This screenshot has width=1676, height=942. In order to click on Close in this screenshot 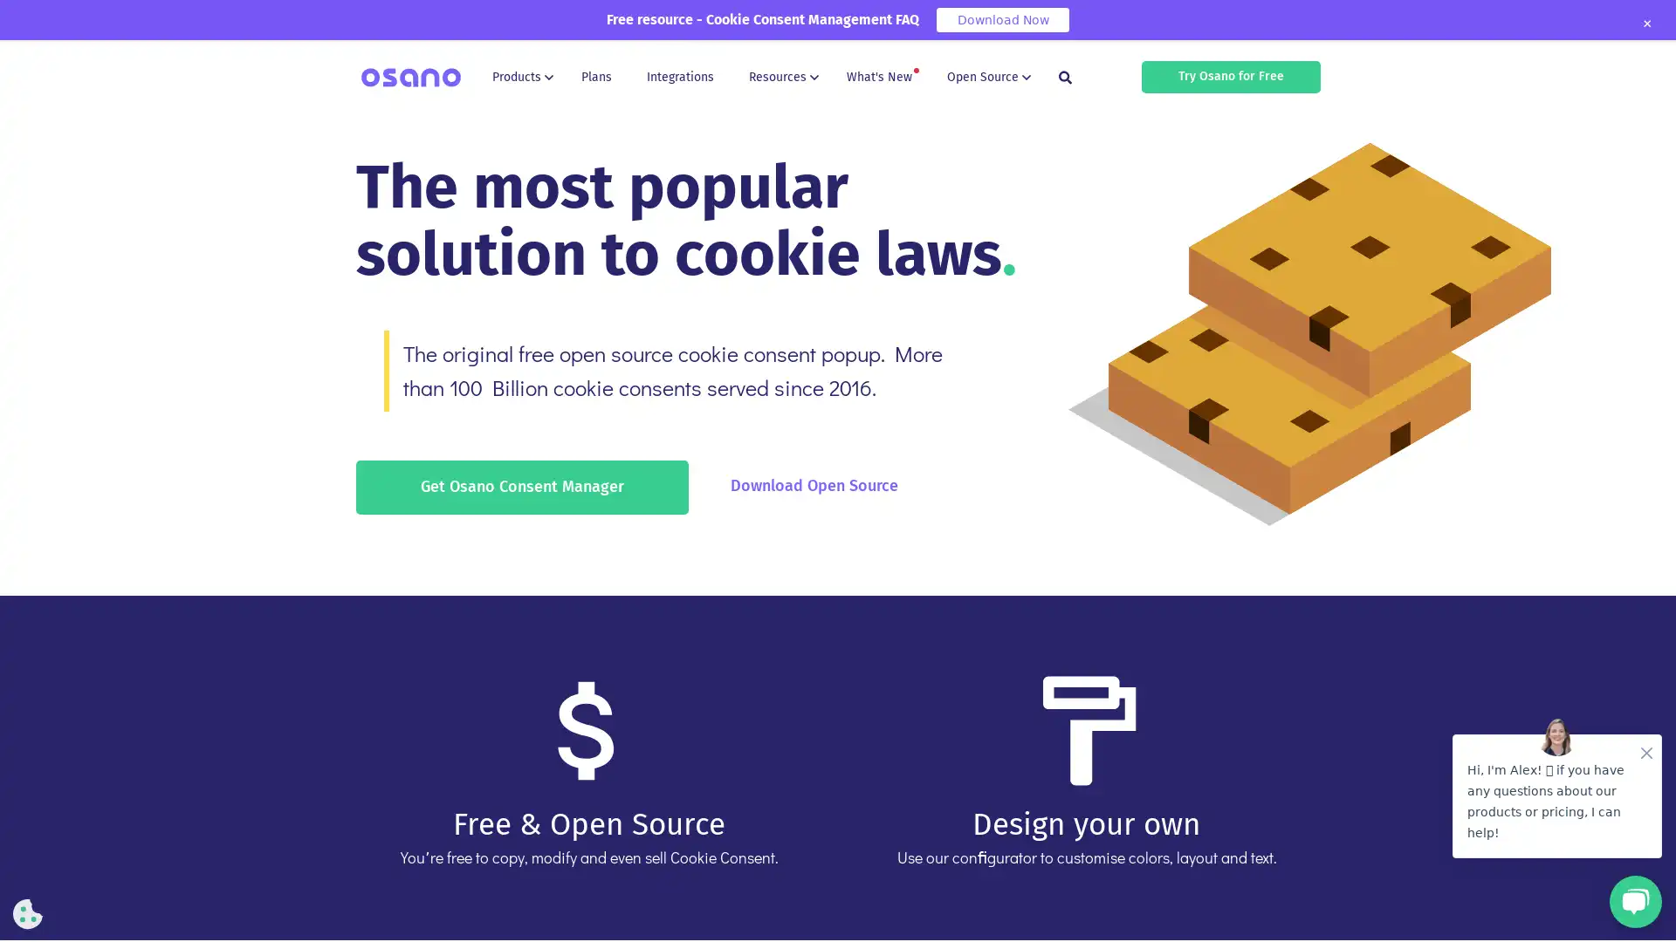, I will do `click(1645, 24)`.